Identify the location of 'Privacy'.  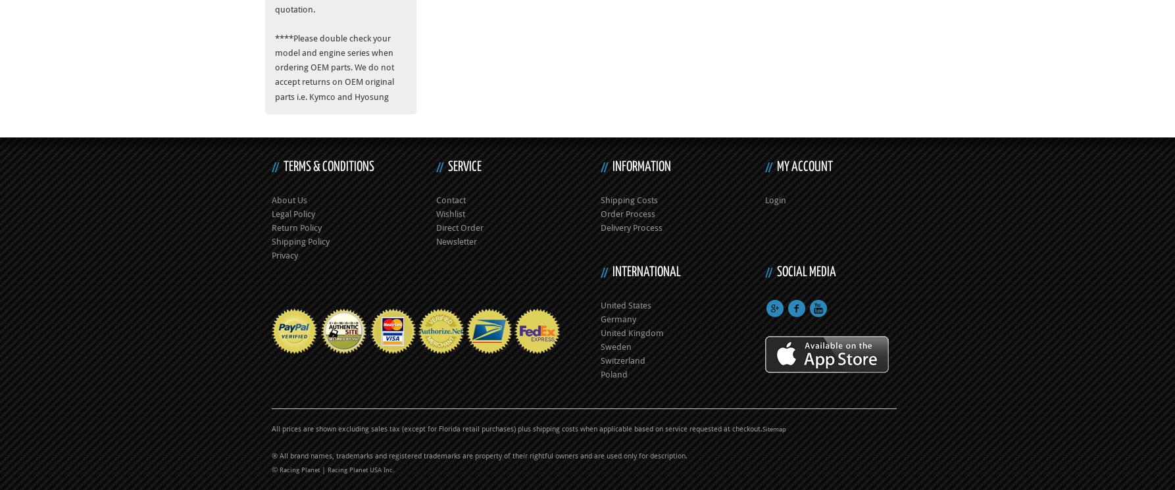
(284, 254).